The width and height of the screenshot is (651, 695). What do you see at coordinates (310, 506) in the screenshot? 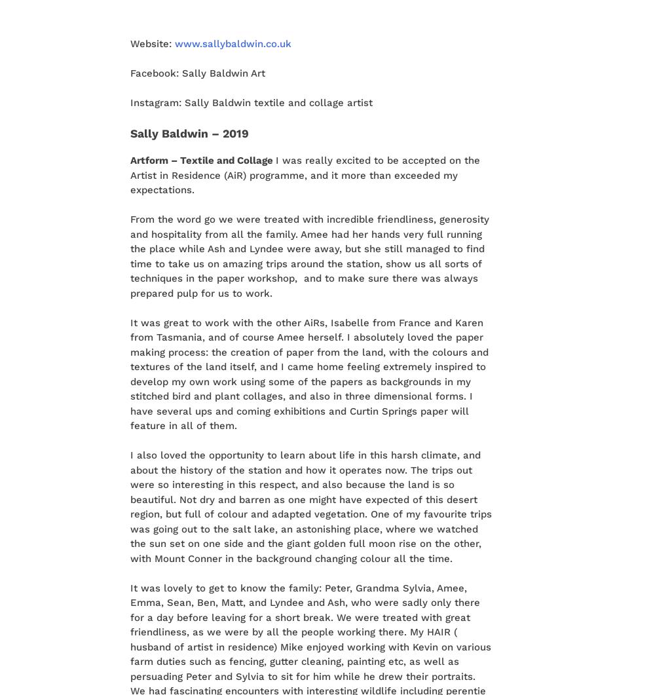
I see `'I also loved the opportunity to learn about life in this harsh climate, and about the history of the station and how it operates now. The trips out were so interesting in this respect, and also because the land is so beautiful. Not dry and barren as one might have expected of this desert region, but full of colour and adapted vegetation. One of my favourite trips was going out to the salt lake, an astonishing place, where we watched the sun set on one side and the giant golden full moon rise on the other, with Mount Conner in the background changing colour all the time.'` at bounding box center [310, 506].